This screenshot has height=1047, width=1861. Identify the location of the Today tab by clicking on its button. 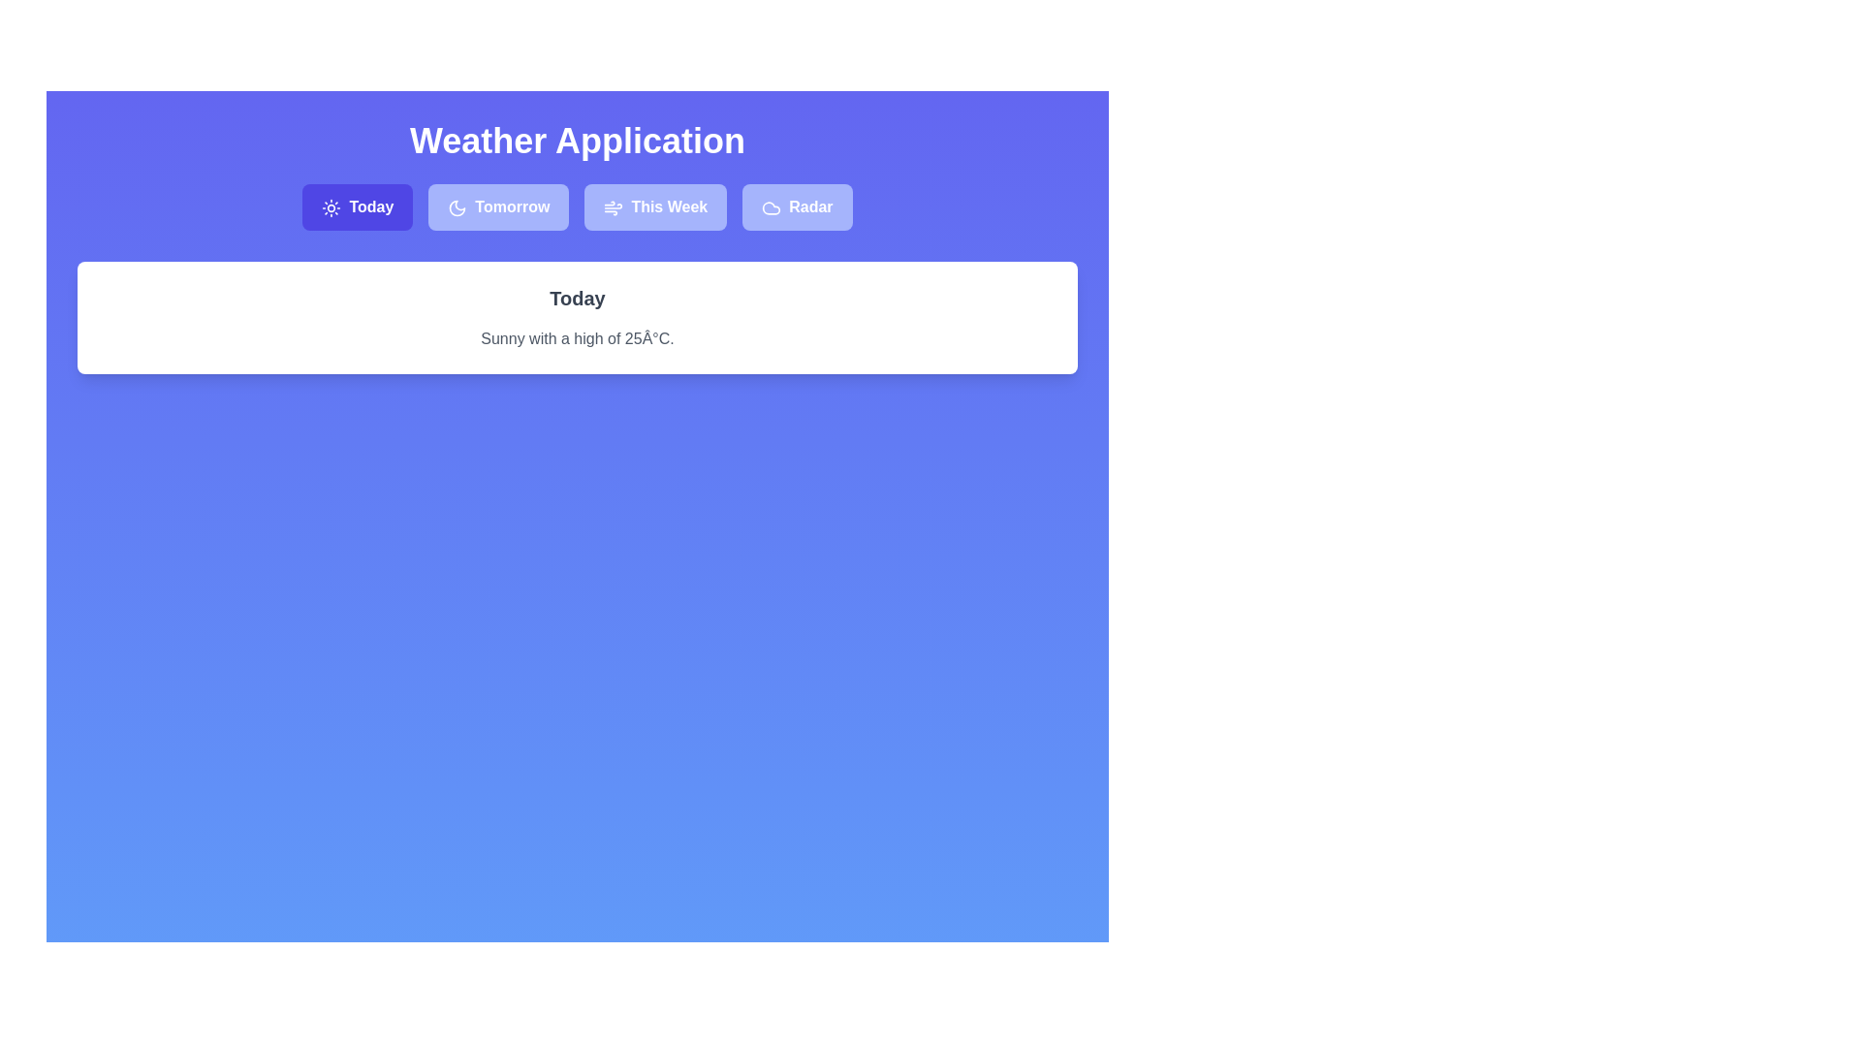
(358, 206).